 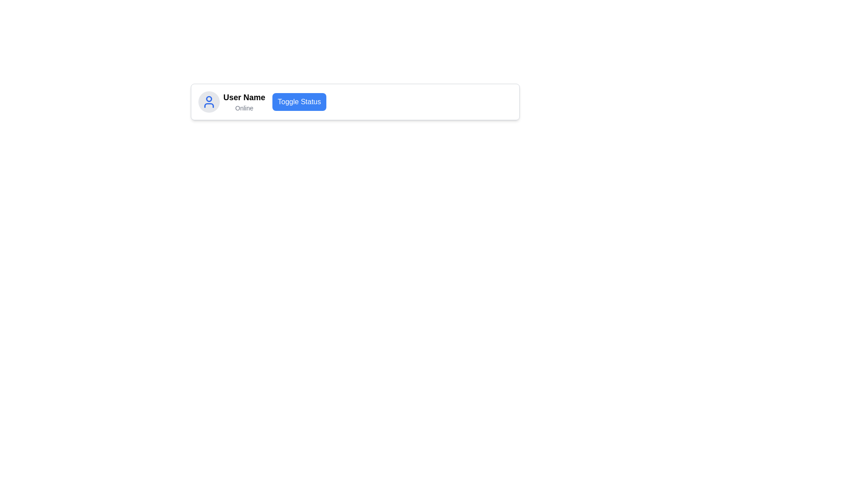 I want to click on the circular user icon with a light gray background and blue user symbol, so click(x=209, y=101).